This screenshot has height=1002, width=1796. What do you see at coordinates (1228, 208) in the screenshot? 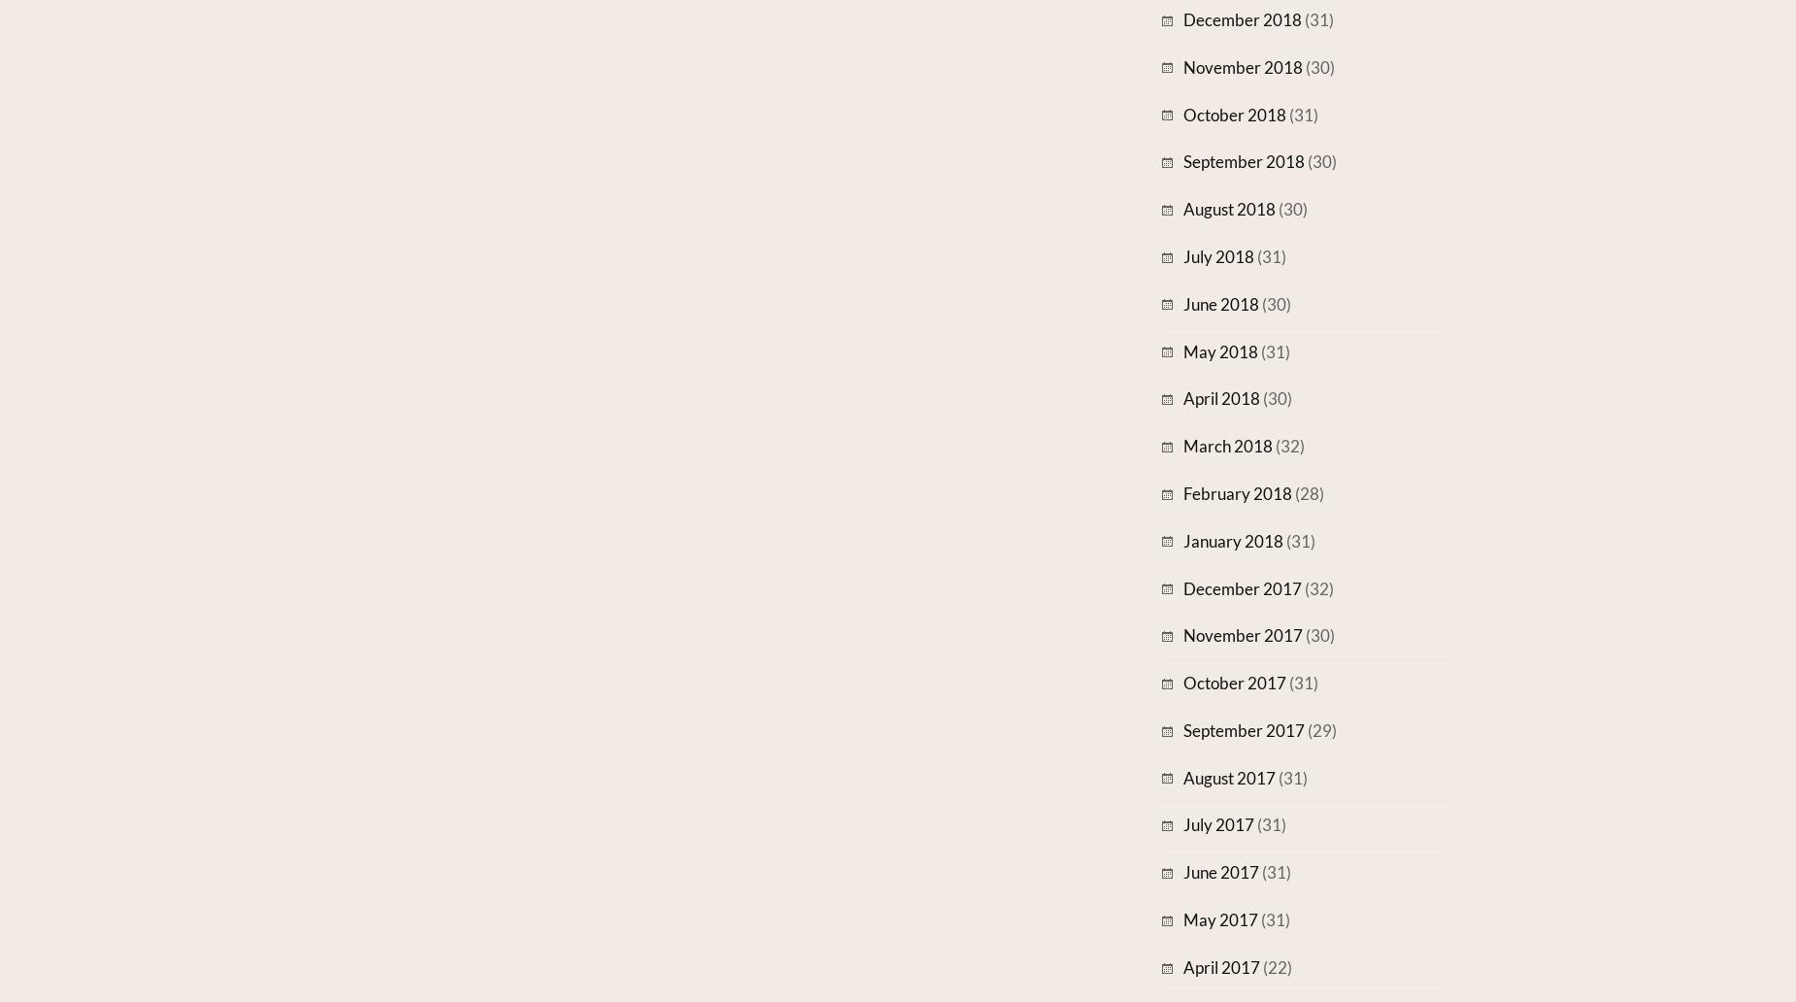
I see `'August 2018'` at bounding box center [1228, 208].